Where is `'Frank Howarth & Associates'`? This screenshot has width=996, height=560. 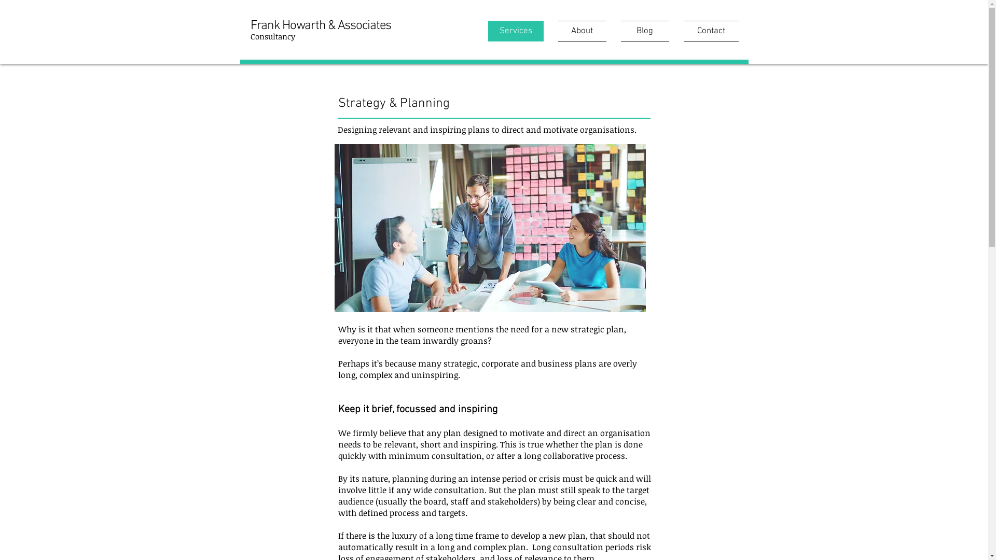
'Frank Howarth & Associates' is located at coordinates (320, 25).